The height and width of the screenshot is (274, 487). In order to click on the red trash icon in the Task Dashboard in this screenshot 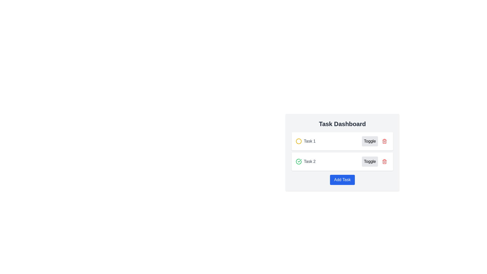, I will do `click(385, 161)`.